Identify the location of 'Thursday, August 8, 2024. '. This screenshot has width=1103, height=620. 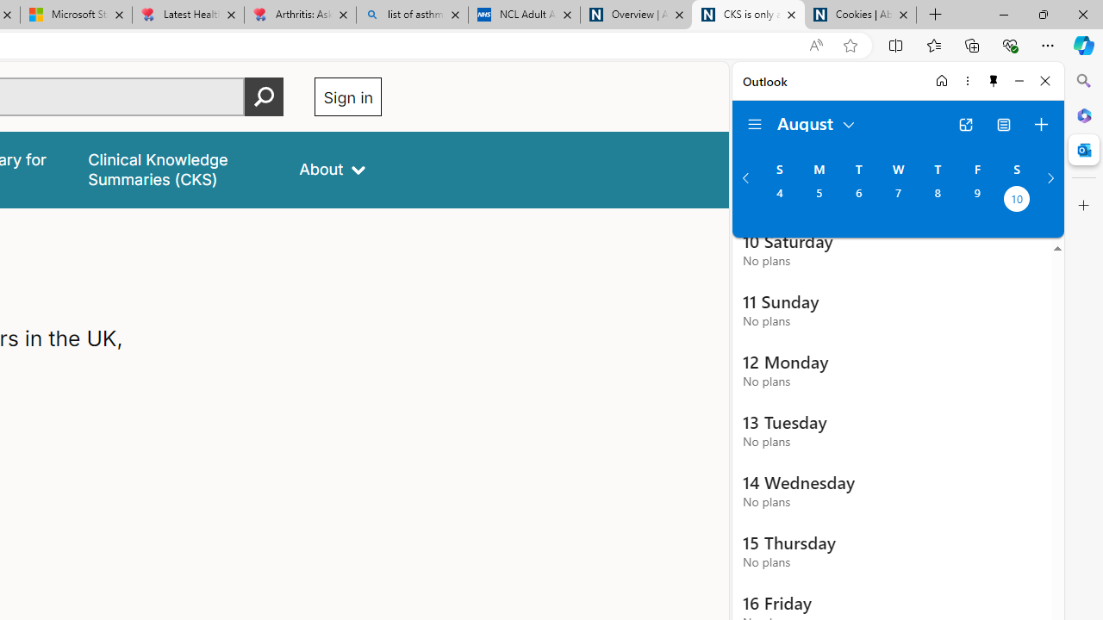
(937, 200).